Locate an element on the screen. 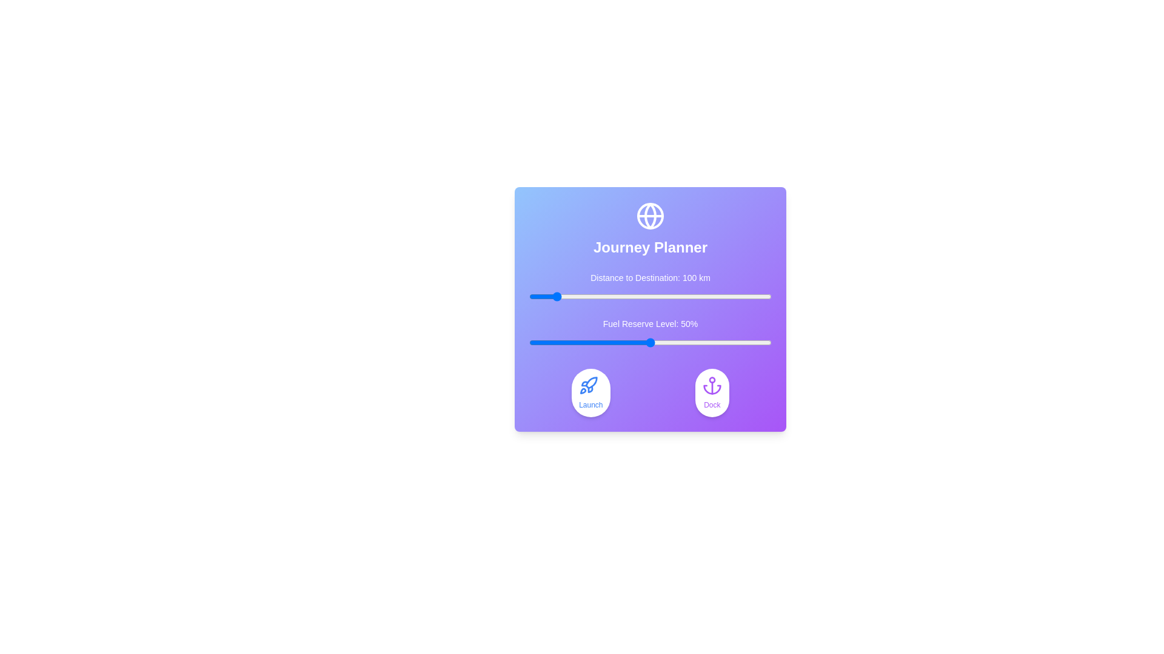 Image resolution: width=1164 pixels, height=654 pixels. the distance slider to 758 km is located at coordinates (713, 296).